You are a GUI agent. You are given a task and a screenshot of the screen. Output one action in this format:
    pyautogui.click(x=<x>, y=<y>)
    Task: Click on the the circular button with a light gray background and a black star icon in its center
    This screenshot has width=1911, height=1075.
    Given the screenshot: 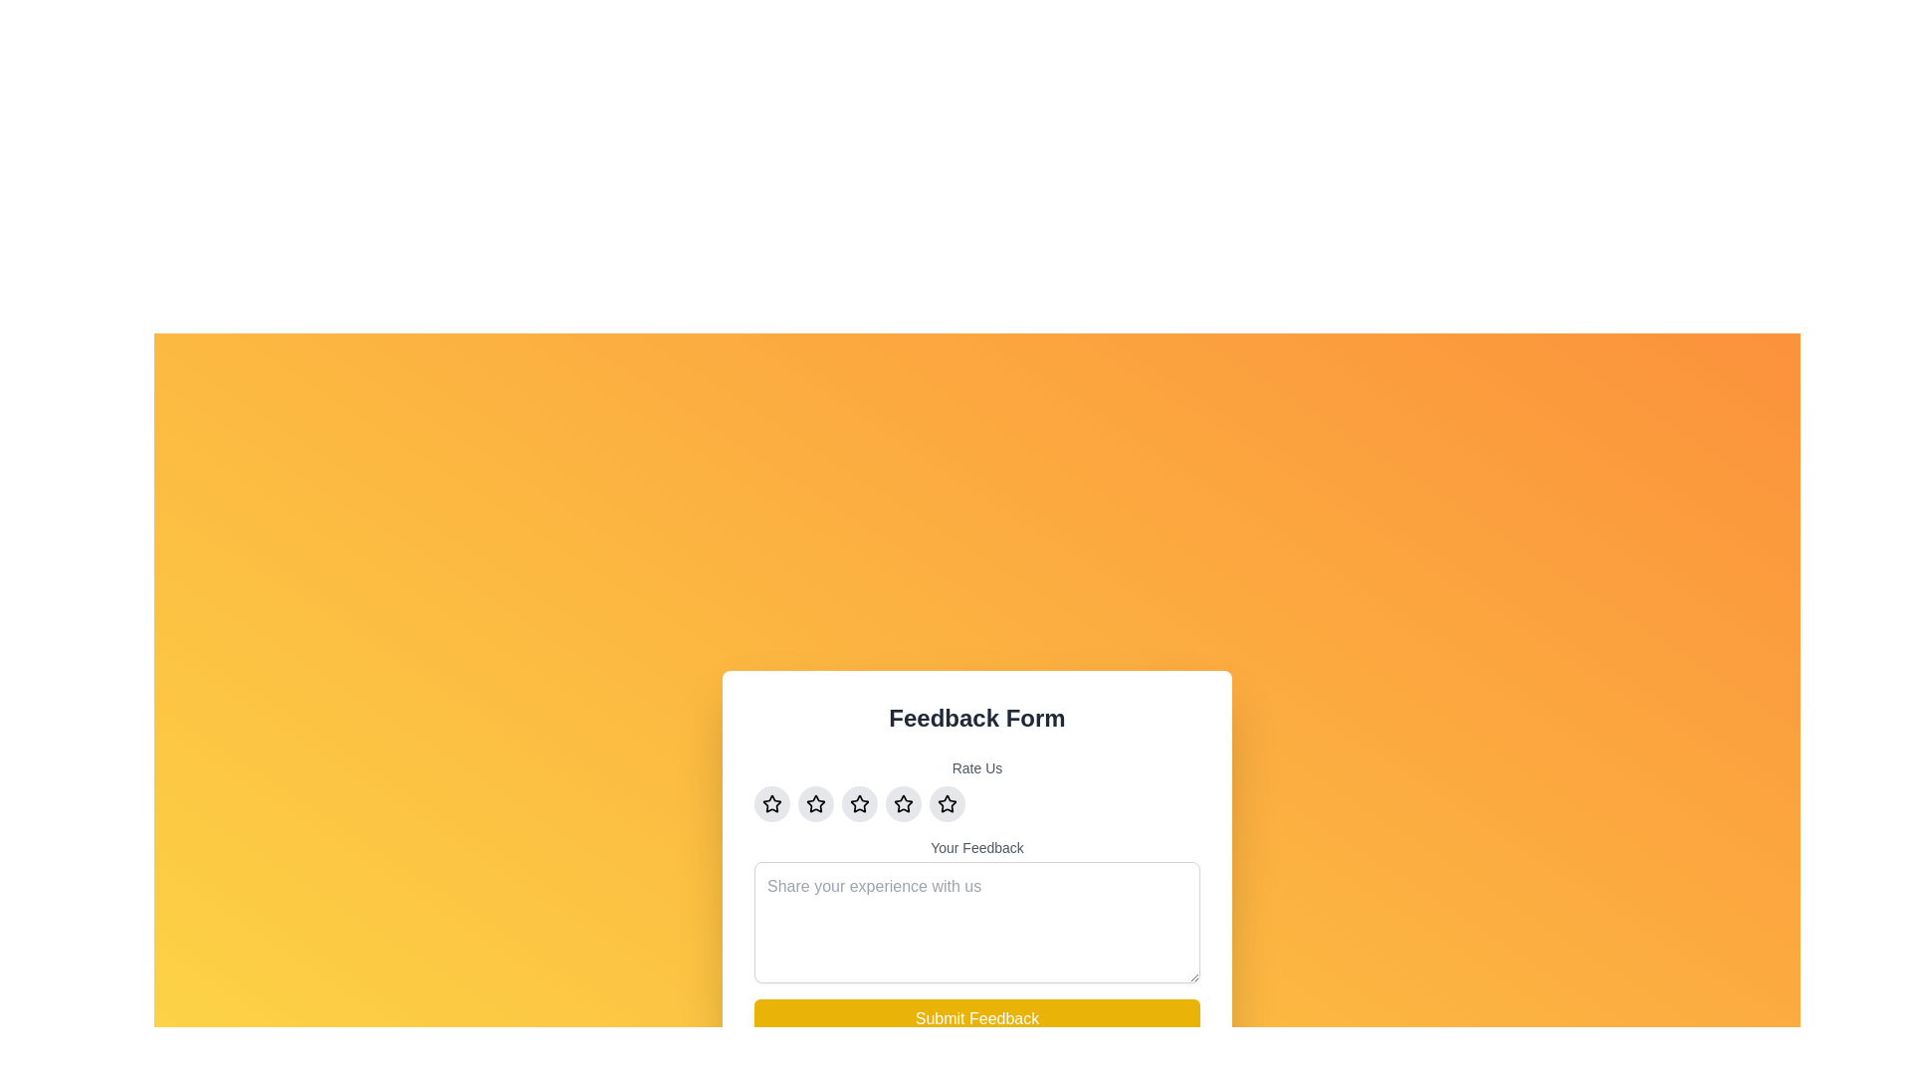 What is the action you would take?
    pyautogui.click(x=902, y=802)
    